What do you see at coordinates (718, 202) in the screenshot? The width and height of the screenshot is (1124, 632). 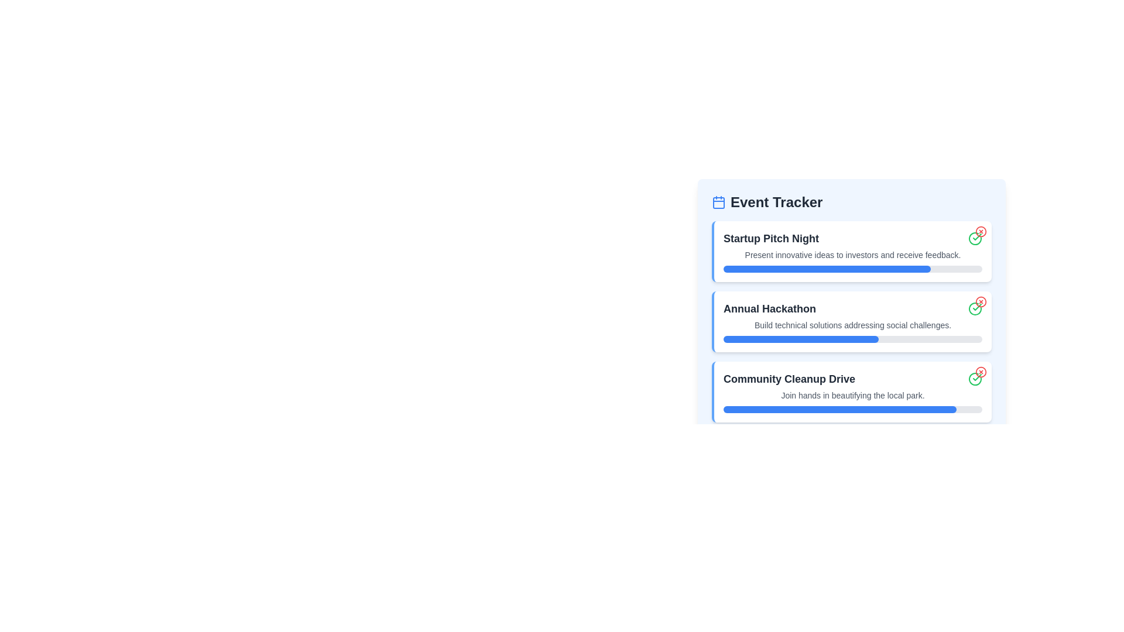 I see `the blue filled rounded rectangle icon that forms the body of the calendar in the top-left corner of the 'Event Tracker' section header` at bounding box center [718, 202].